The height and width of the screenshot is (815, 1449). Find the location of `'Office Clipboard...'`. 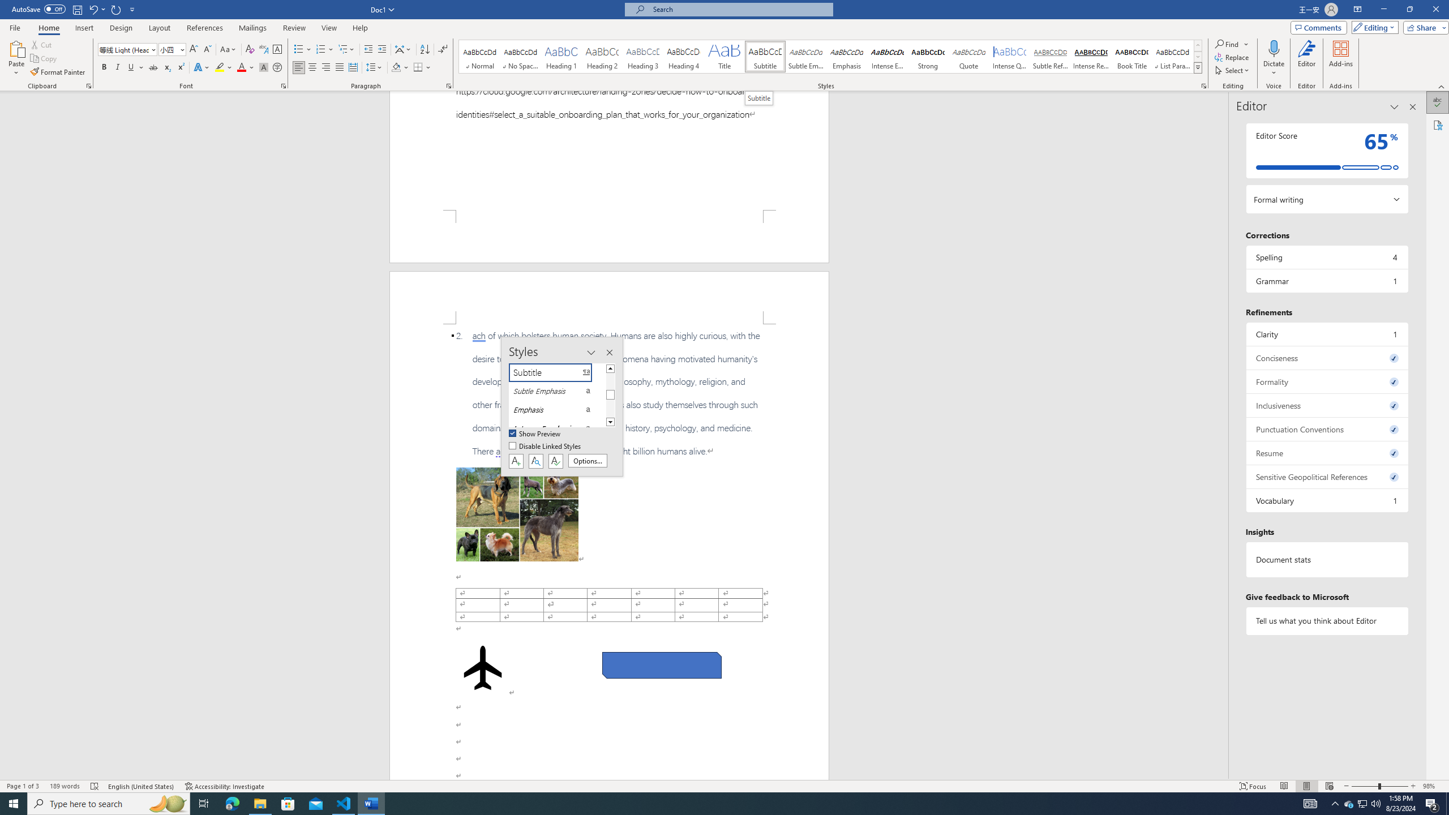

'Office Clipboard...' is located at coordinates (88, 85).